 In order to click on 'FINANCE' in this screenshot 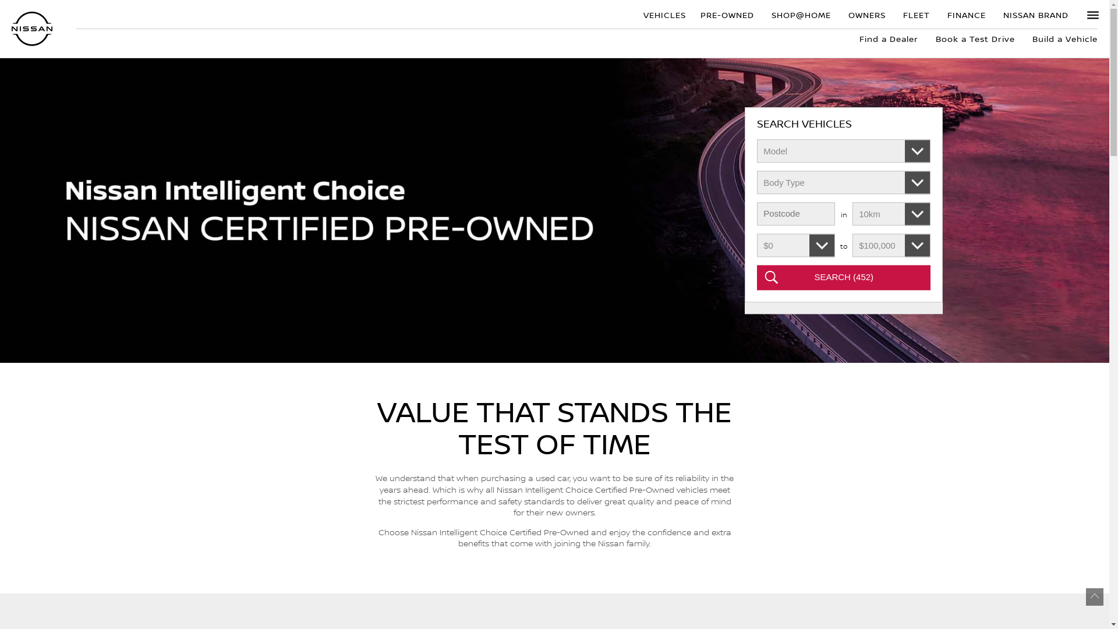, I will do `click(967, 14)`.